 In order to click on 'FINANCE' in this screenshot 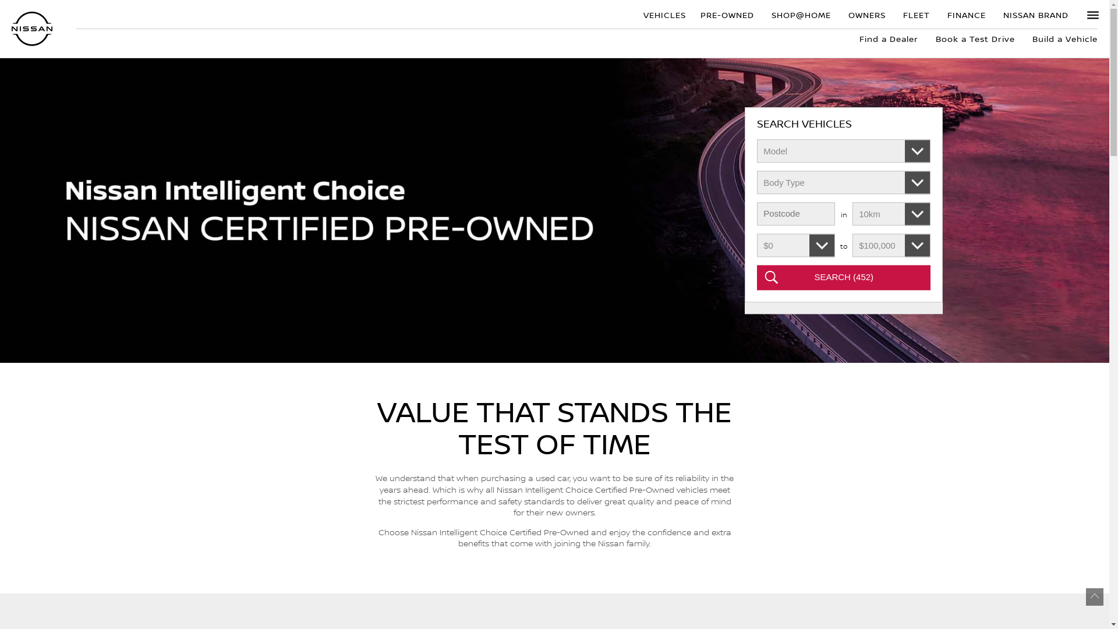, I will do `click(967, 14)`.